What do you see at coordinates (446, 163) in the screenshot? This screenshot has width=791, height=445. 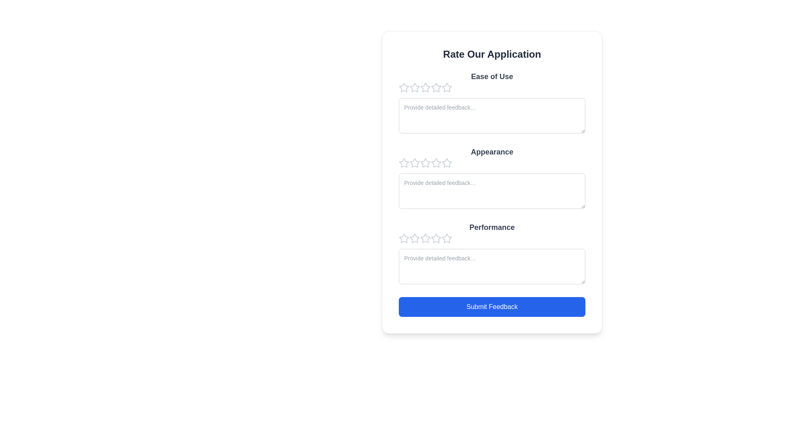 I see `the third star icon from the left in the second row` at bounding box center [446, 163].